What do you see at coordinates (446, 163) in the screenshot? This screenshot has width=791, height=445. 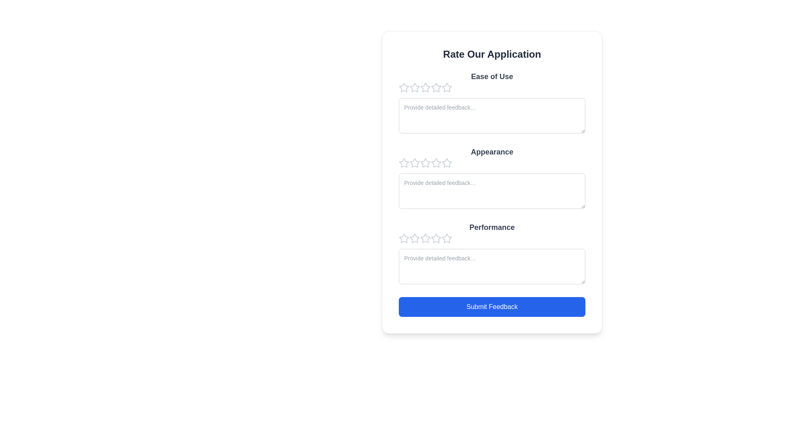 I see `the third star icon from the left in the second row` at bounding box center [446, 163].